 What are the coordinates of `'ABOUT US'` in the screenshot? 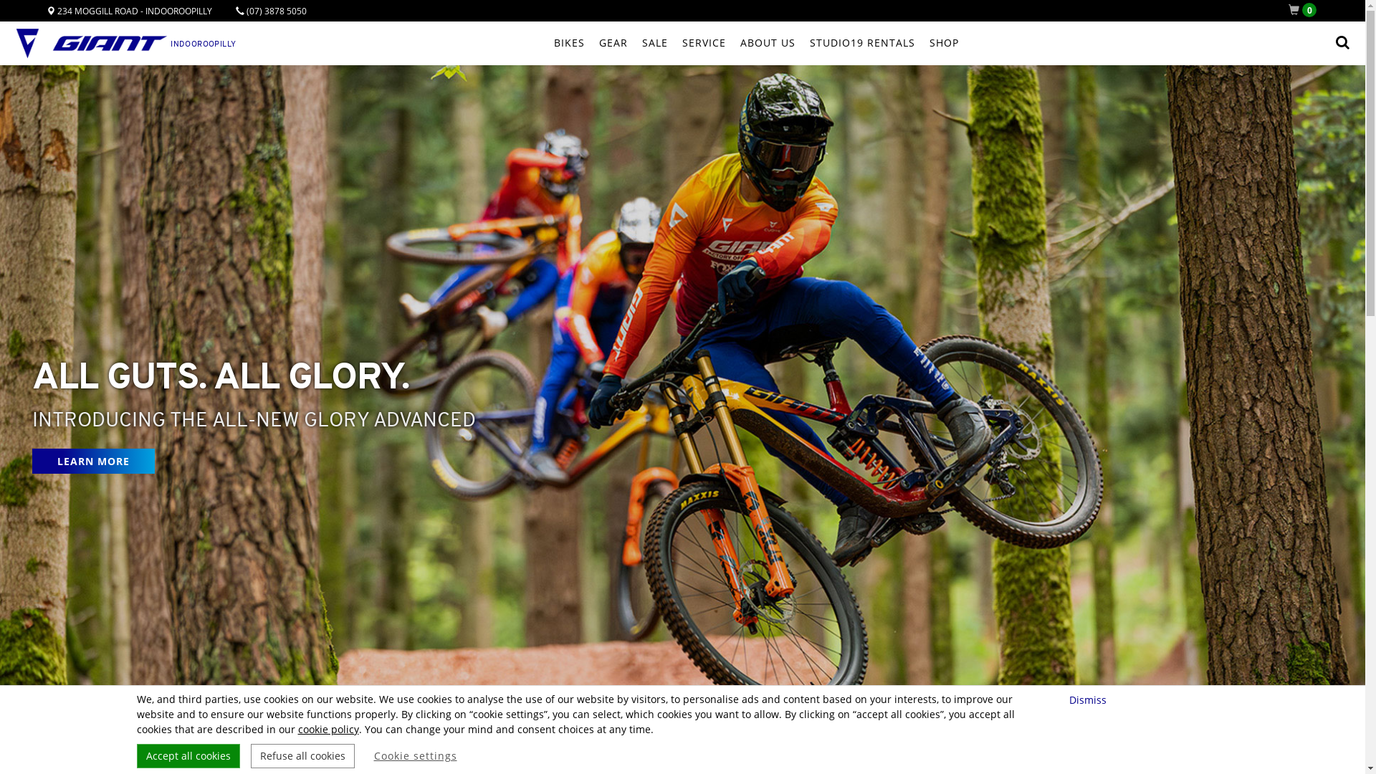 It's located at (766, 42).